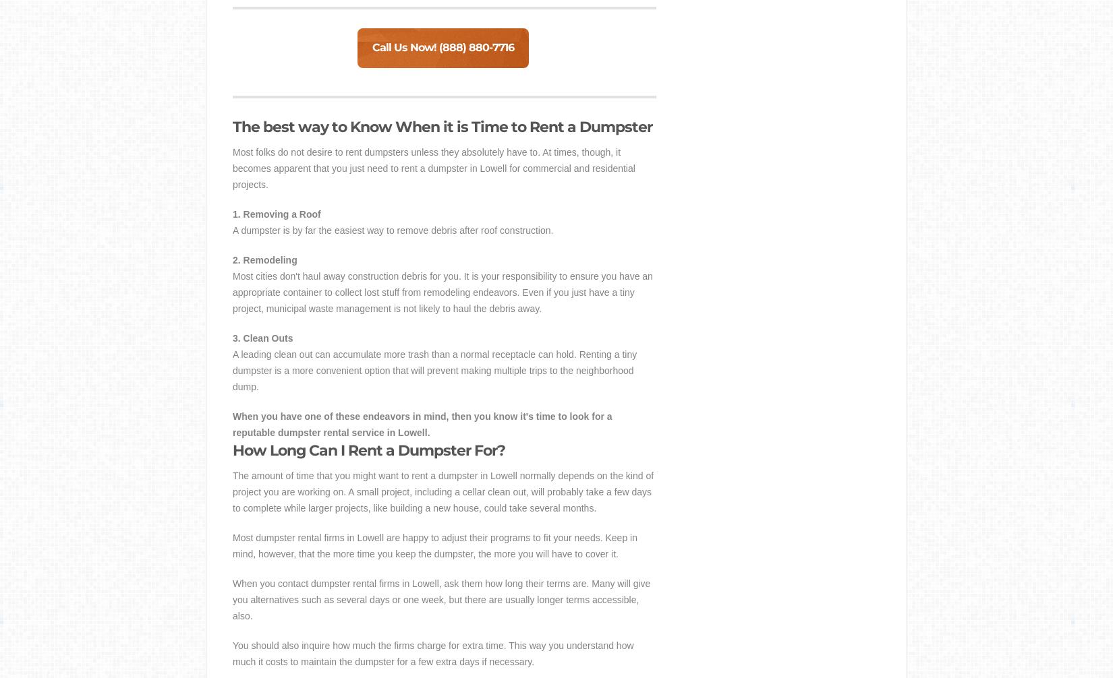 This screenshot has height=678, width=1113. What do you see at coordinates (440, 599) in the screenshot?
I see `'When you contact dumpster rental firms in Lowell, ask them how long their terms are. Many will give you alternatives such as several days or one week, but there are usually longer terms accessible, also.'` at bounding box center [440, 599].